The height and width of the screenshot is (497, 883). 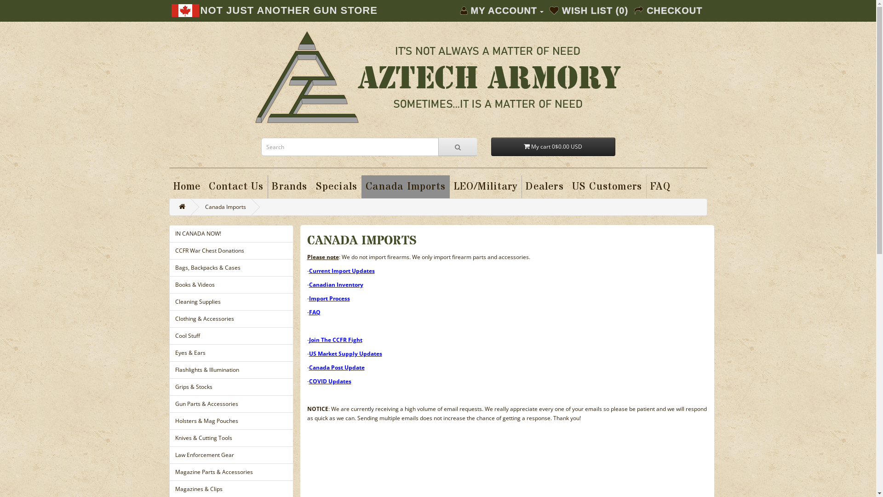 I want to click on 'Join The CCFR Fight', so click(x=335, y=340).